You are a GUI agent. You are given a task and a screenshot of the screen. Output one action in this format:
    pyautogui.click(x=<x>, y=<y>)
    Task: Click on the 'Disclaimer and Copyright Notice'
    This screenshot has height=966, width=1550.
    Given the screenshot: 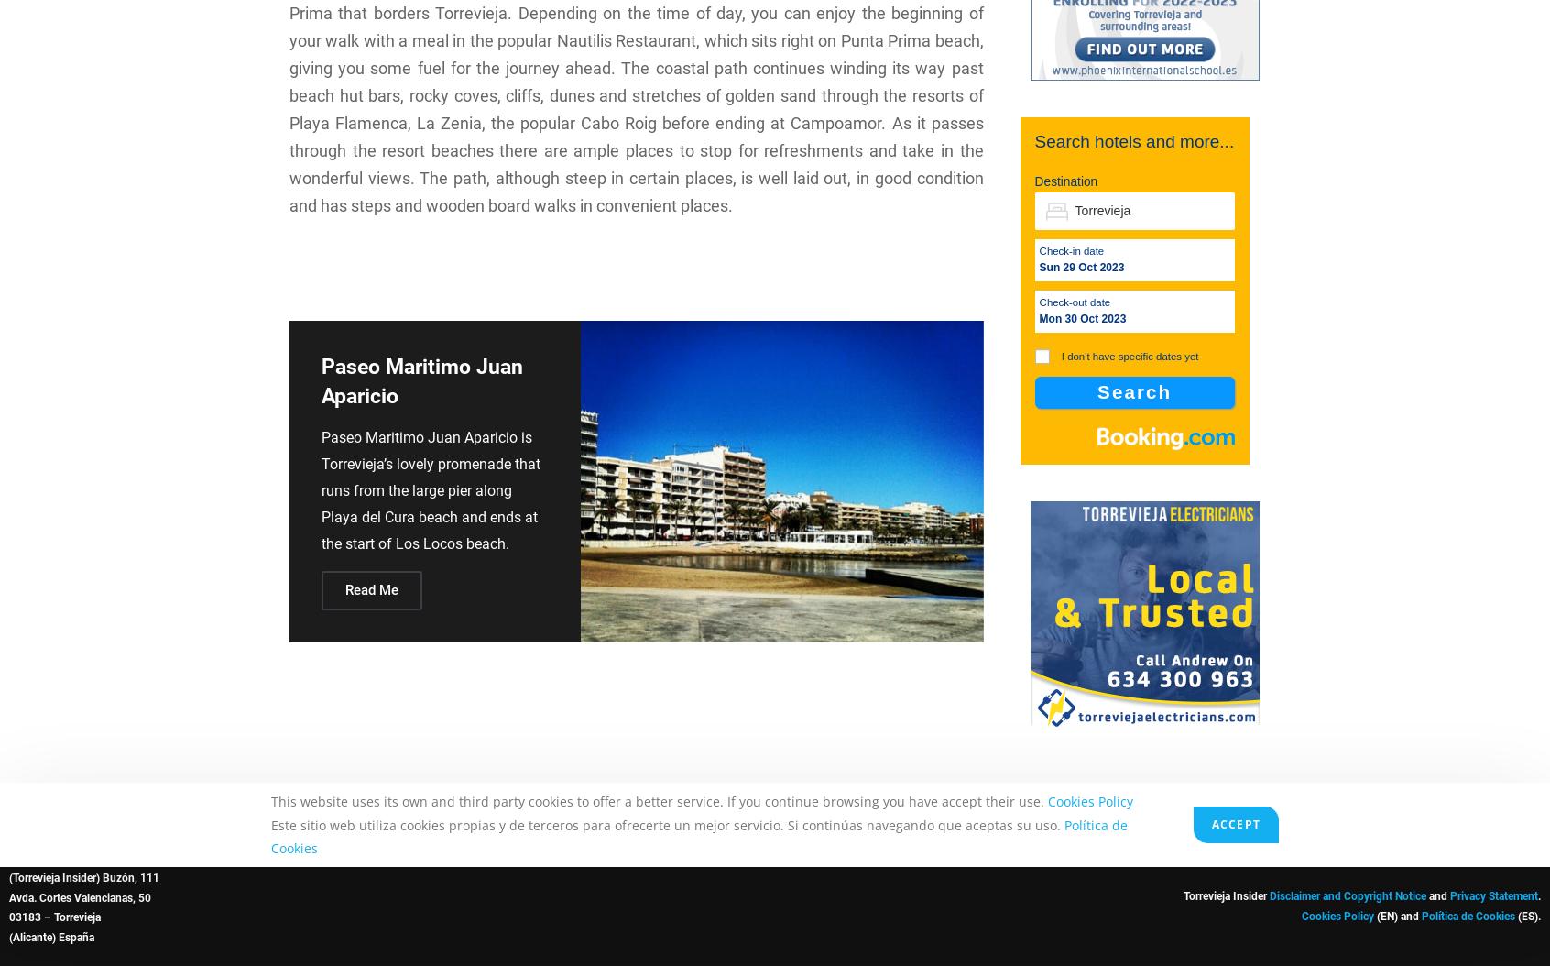 What is the action you would take?
    pyautogui.click(x=1347, y=896)
    